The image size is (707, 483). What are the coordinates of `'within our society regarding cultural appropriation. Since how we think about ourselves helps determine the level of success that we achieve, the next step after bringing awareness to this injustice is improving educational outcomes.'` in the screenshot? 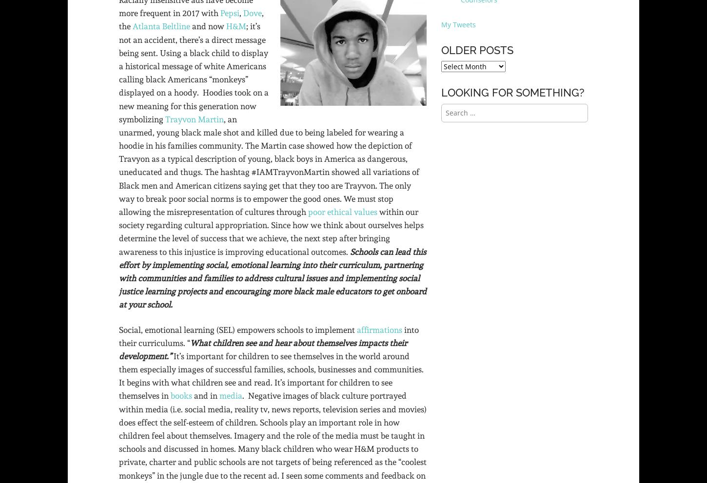 It's located at (271, 231).